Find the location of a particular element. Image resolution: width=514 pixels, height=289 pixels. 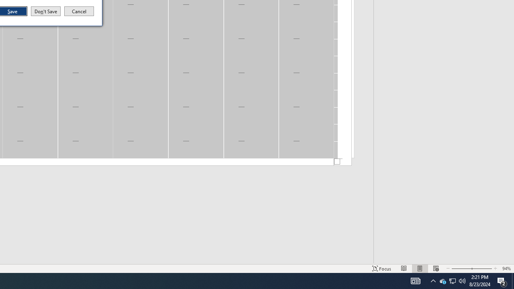

'Don' is located at coordinates (45, 11).